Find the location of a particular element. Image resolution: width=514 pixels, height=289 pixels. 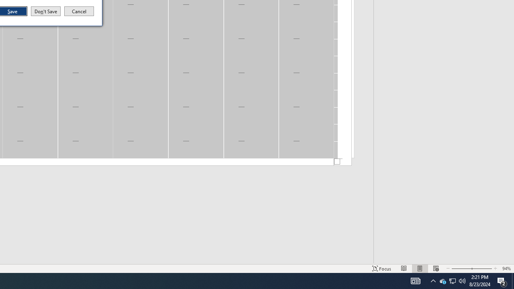

'Don' is located at coordinates (45, 11).